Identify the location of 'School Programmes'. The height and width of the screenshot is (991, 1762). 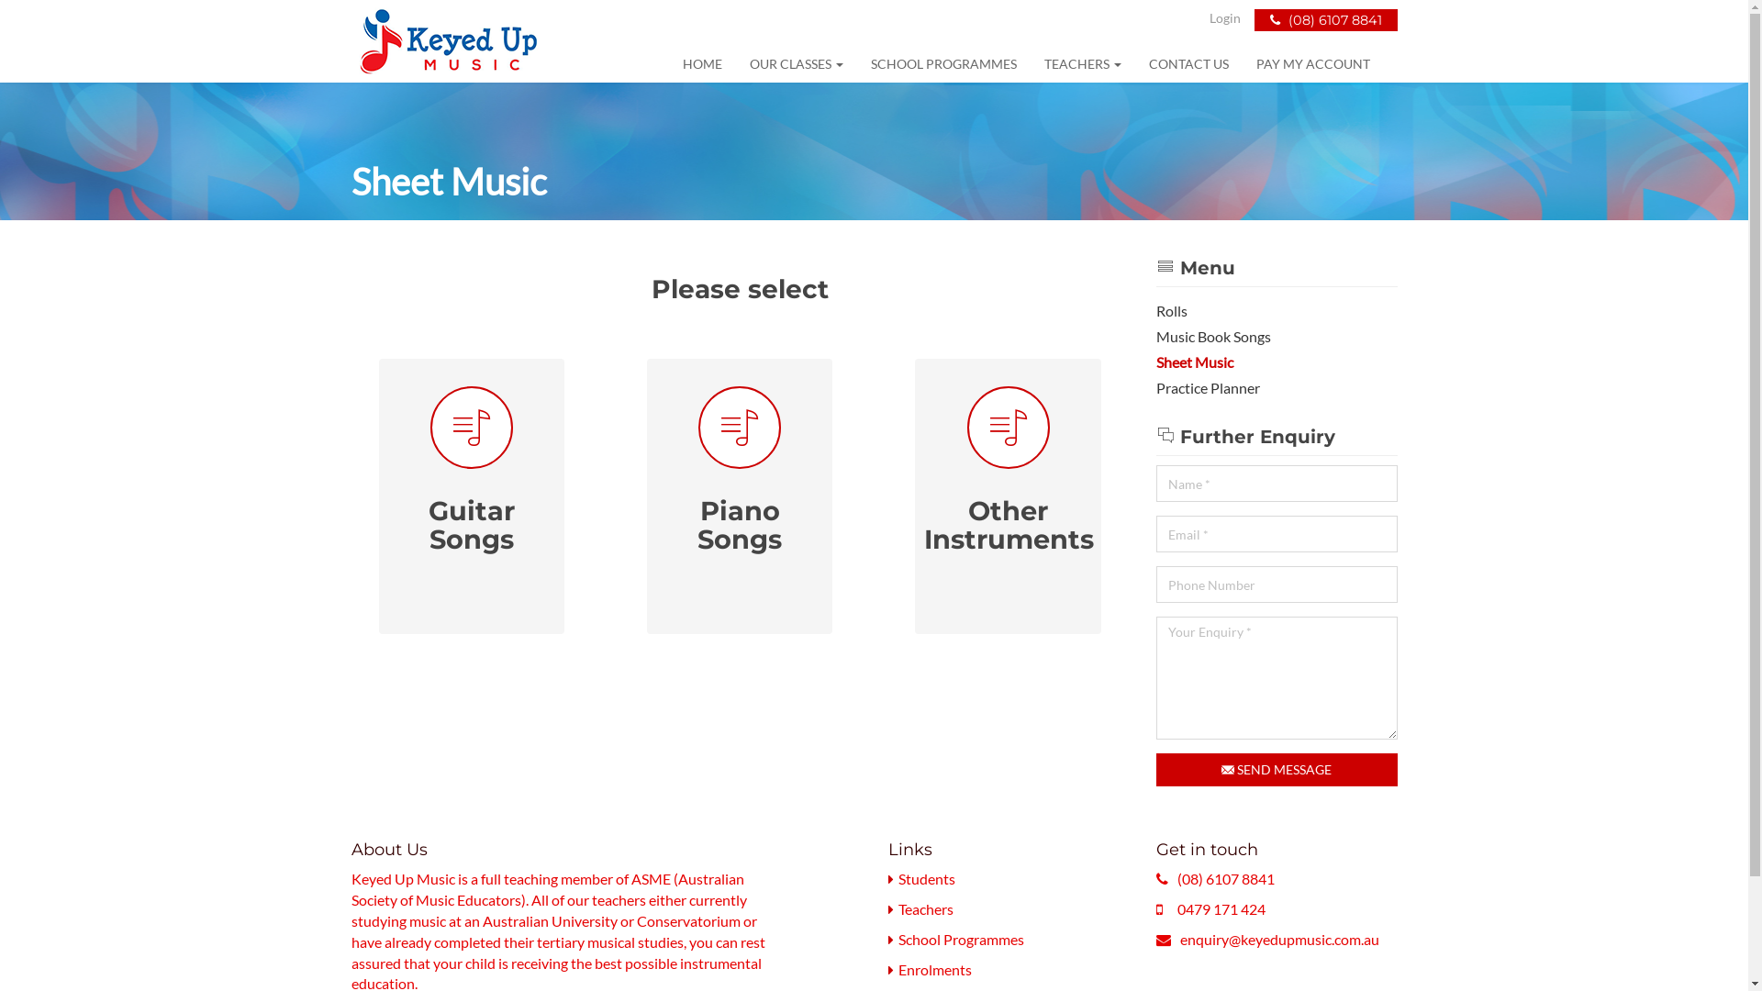
(898, 939).